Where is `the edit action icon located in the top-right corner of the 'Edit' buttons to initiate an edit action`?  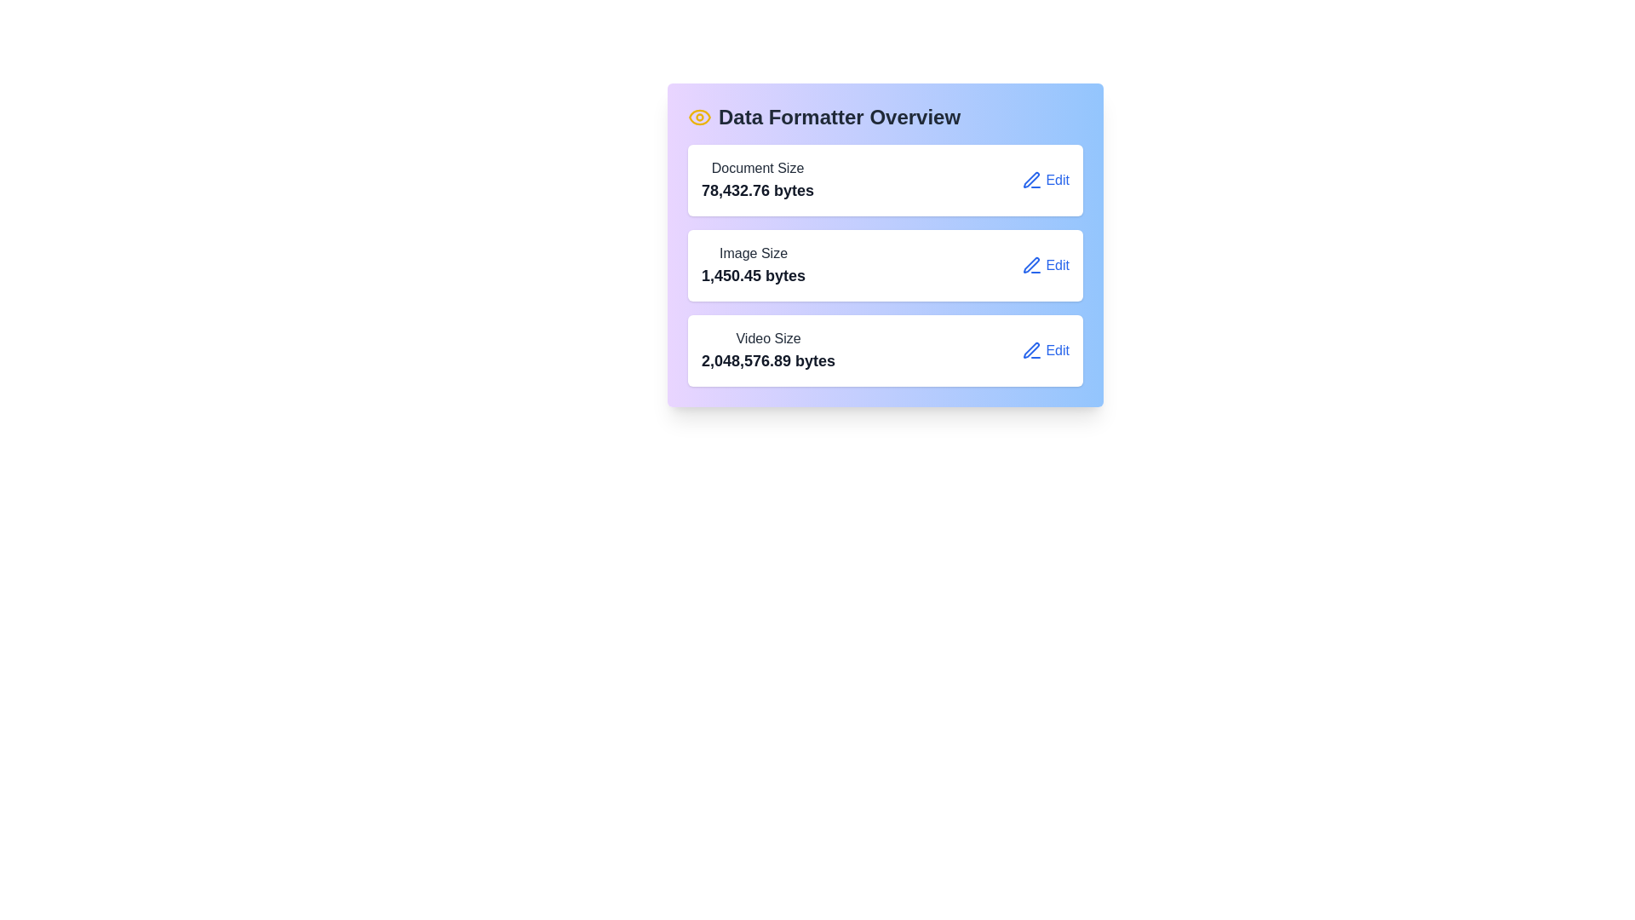 the edit action icon located in the top-right corner of the 'Edit' buttons to initiate an edit action is located at coordinates (1030, 349).